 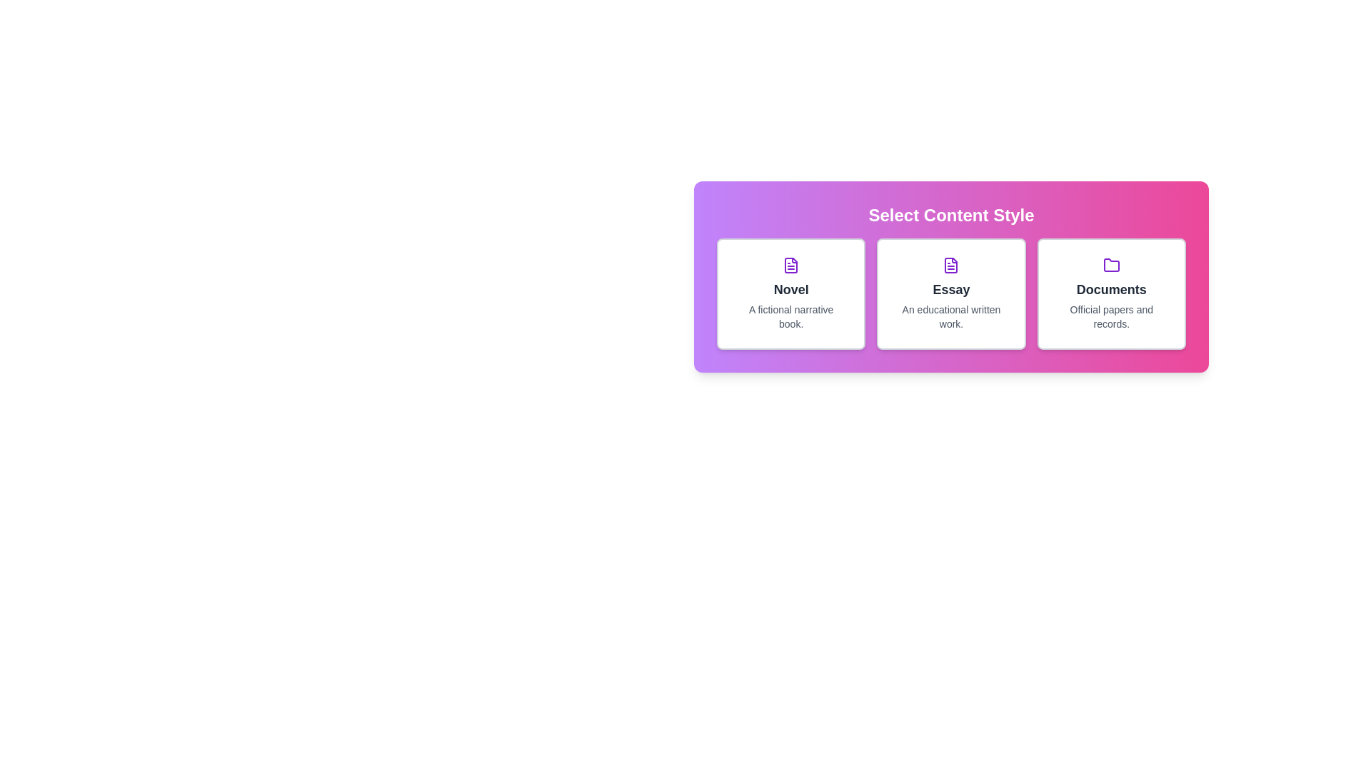 I want to click on the Interactive selection card for the 'Essay' content style, which is the second card in the row of three cards within the 'Select Content Style' section, so click(x=951, y=277).